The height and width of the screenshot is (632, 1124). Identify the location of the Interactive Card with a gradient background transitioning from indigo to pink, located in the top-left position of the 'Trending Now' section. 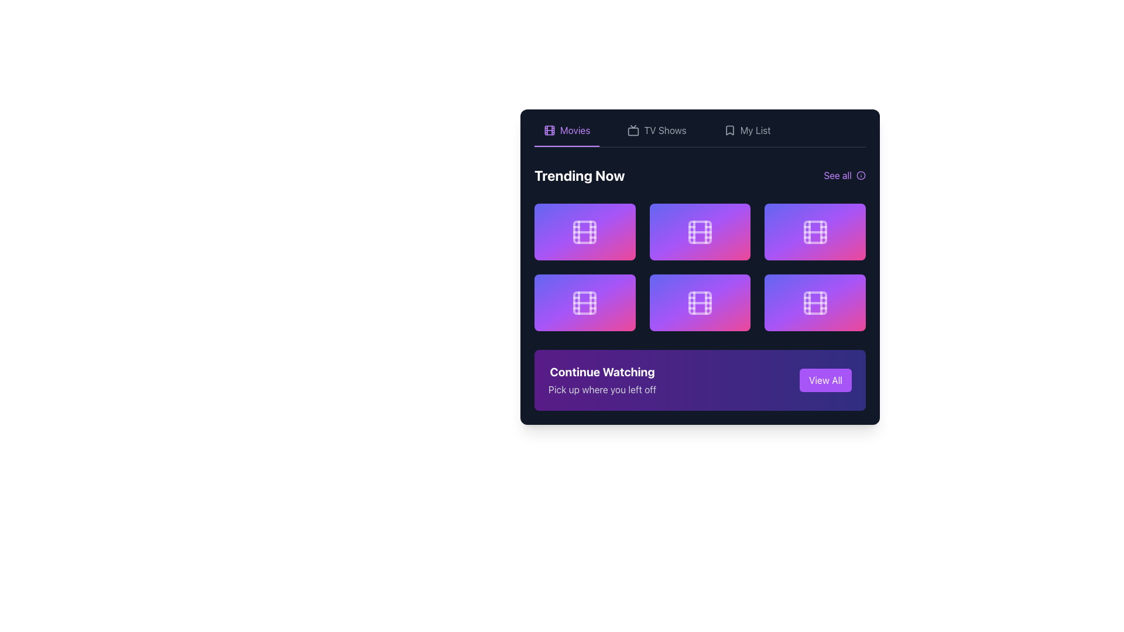
(585, 232).